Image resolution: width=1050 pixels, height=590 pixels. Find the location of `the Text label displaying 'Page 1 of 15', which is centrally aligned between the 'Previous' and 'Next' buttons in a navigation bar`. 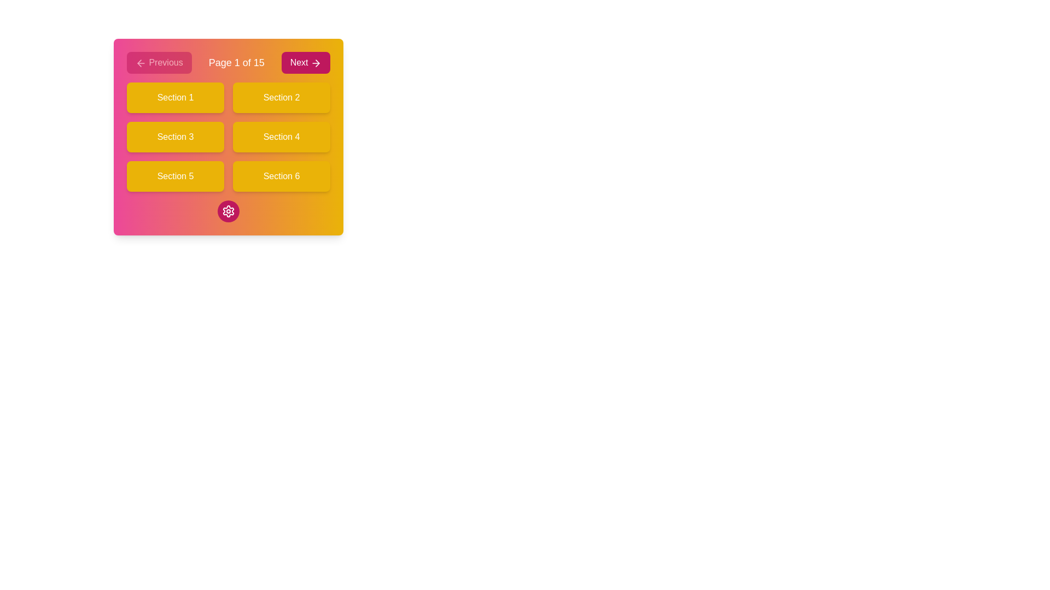

the Text label displaying 'Page 1 of 15', which is centrally aligned between the 'Previous' and 'Next' buttons in a navigation bar is located at coordinates (236, 63).